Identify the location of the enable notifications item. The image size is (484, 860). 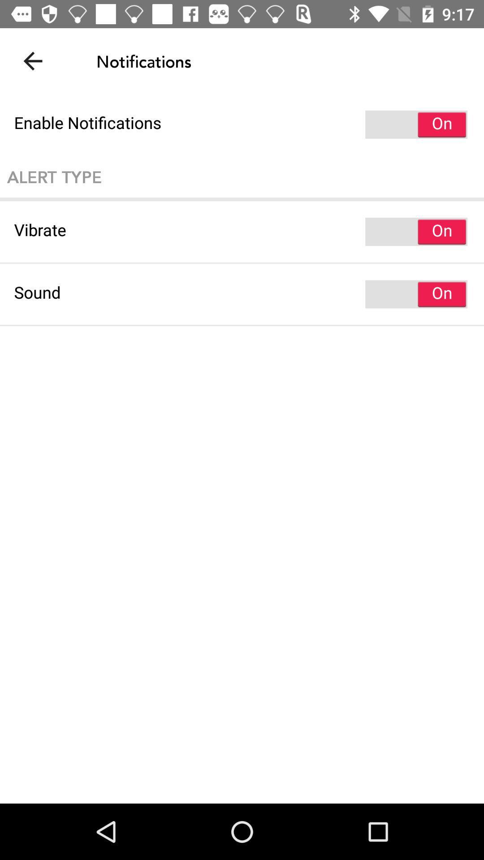
(242, 124).